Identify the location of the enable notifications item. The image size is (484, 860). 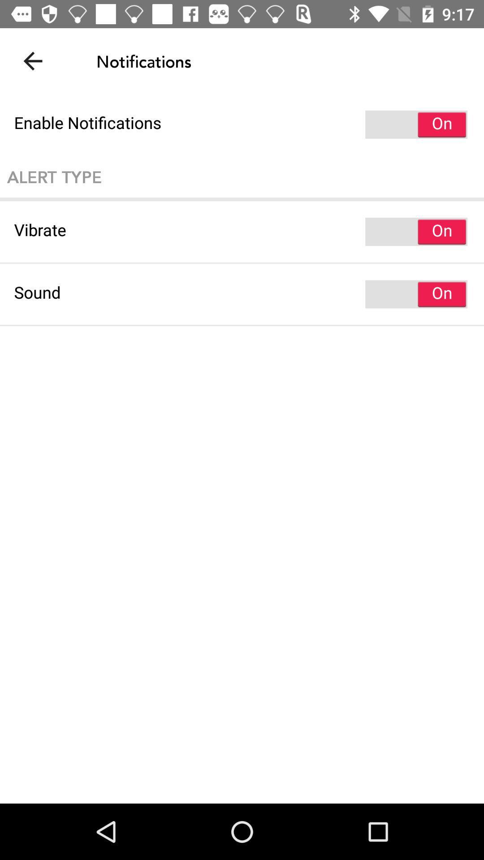
(242, 124).